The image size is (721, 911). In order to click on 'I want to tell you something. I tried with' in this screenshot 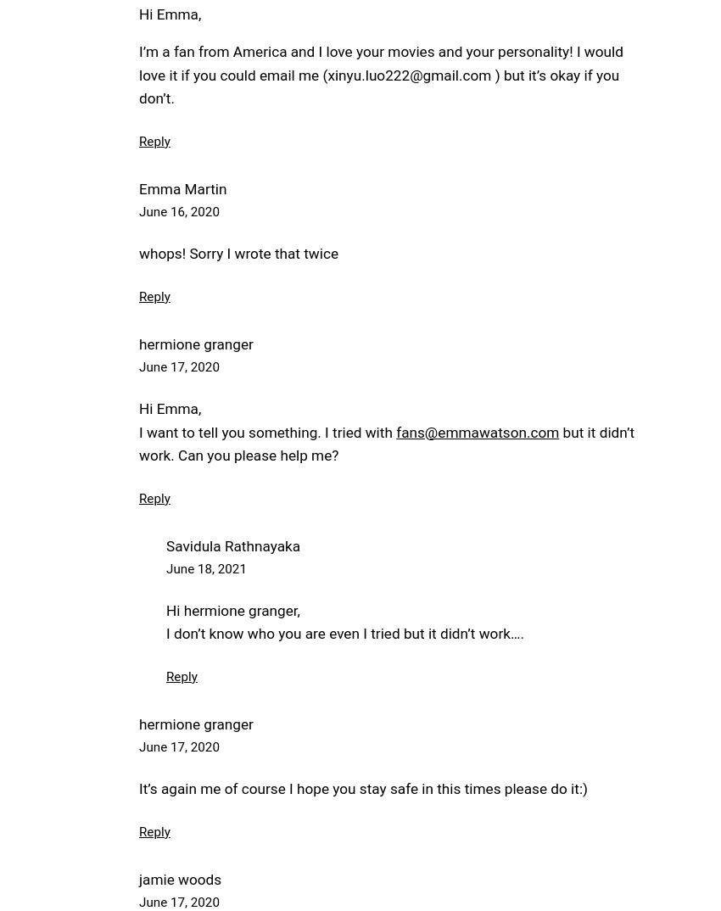, I will do `click(267, 431)`.